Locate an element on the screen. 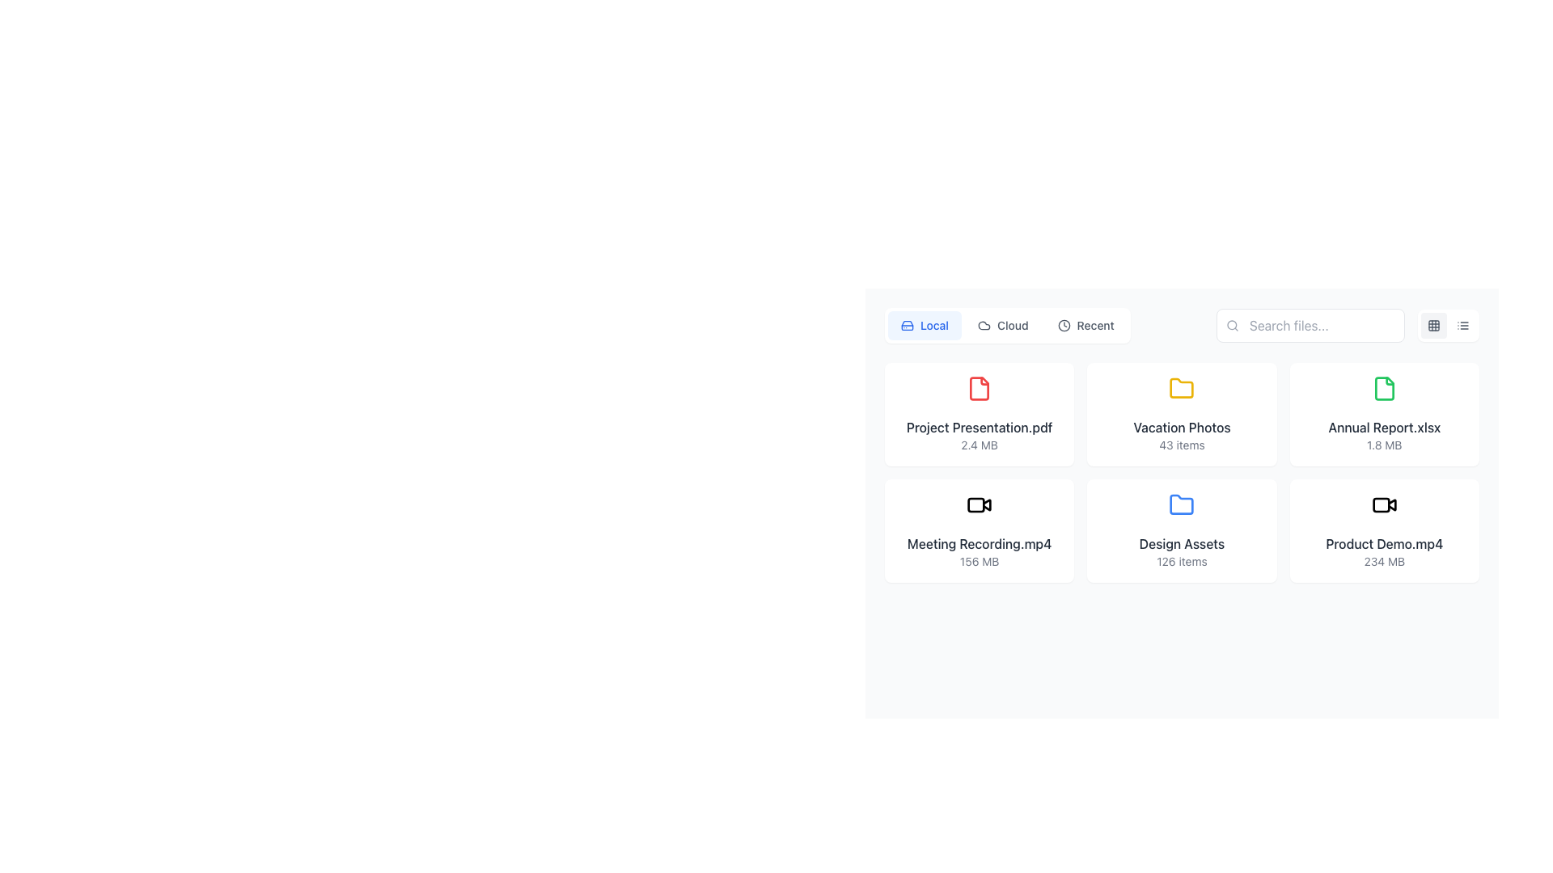  the file associated with the text label displaying 'Project Presentation.pdf', which is located as the top-left file entry in the grid layout of file icons is located at coordinates (979, 426).